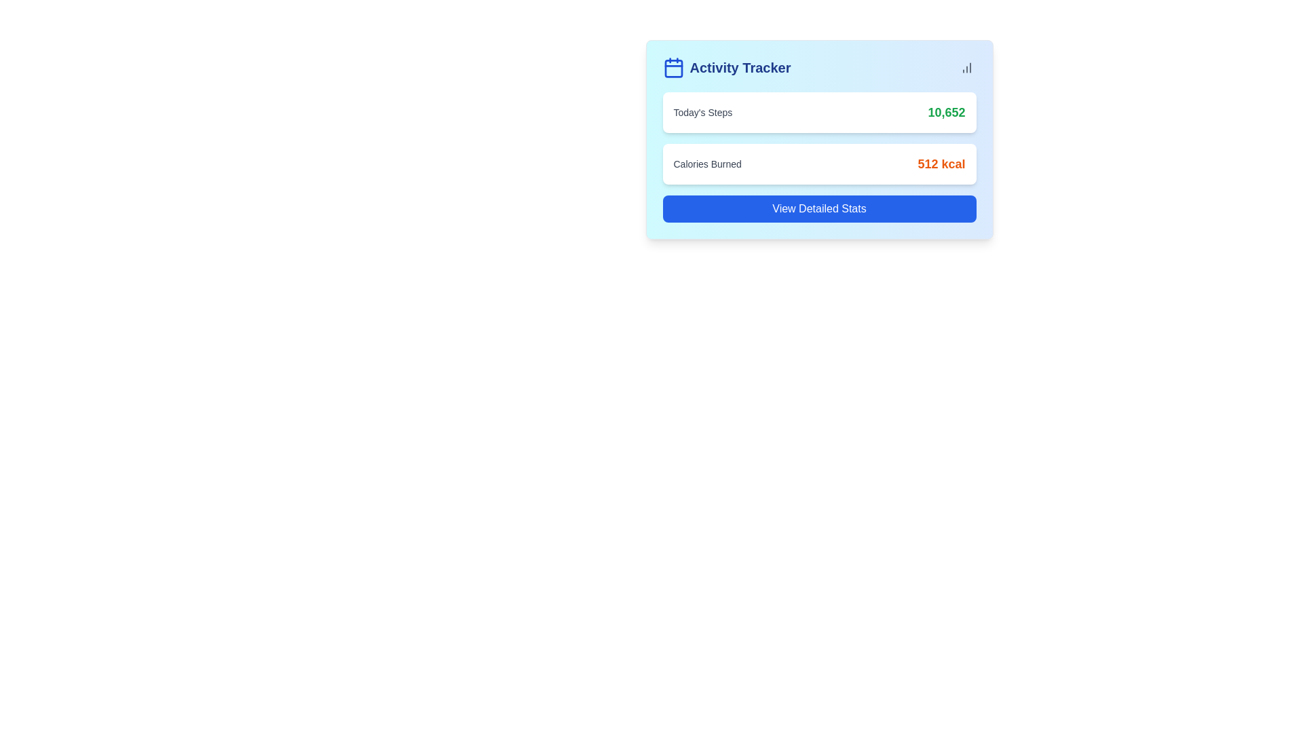 The height and width of the screenshot is (733, 1303). I want to click on the 'Calories Burned' information display card that features a white background, rounded corners, and displays '512 kcal' in bold orange font on the right, so click(818, 164).